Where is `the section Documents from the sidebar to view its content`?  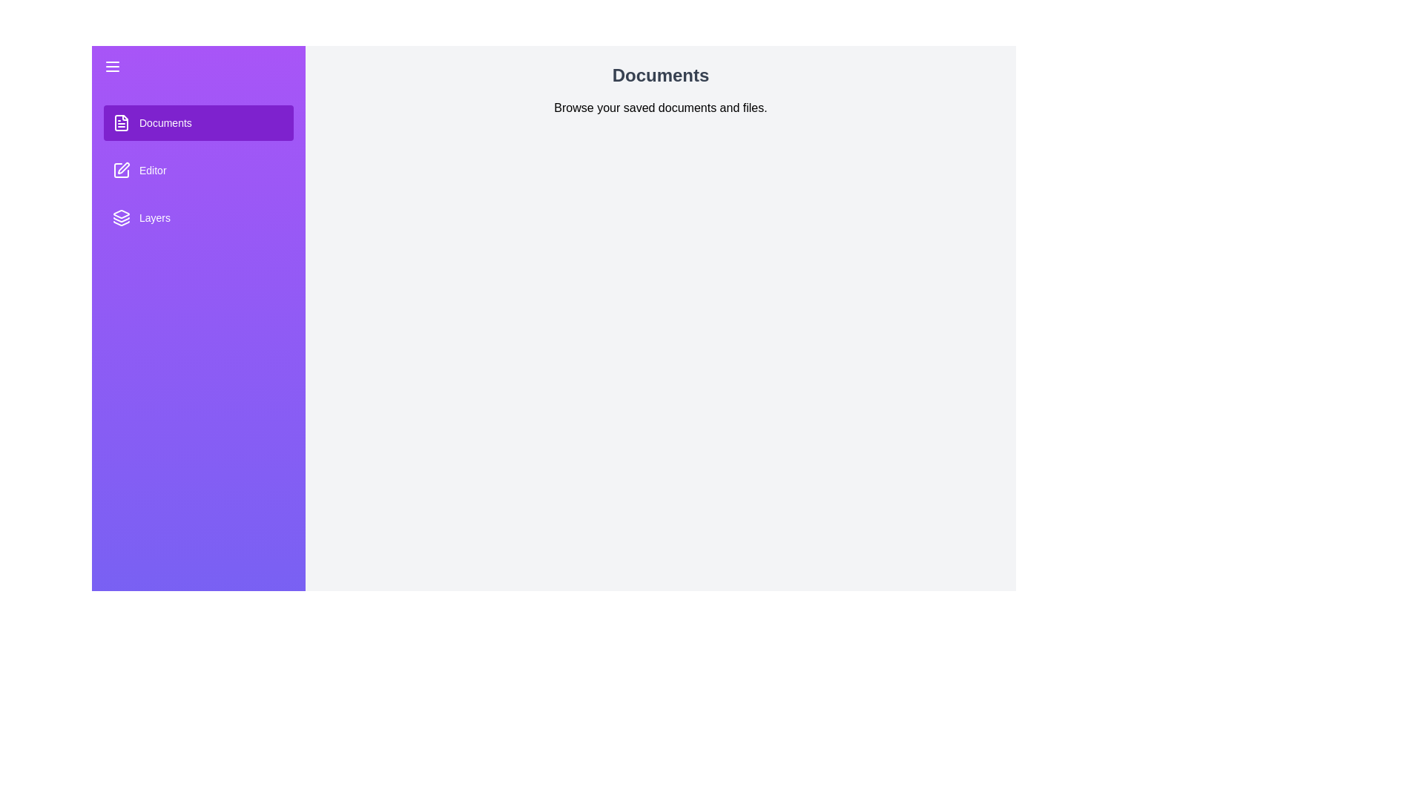 the section Documents from the sidebar to view its content is located at coordinates (198, 122).